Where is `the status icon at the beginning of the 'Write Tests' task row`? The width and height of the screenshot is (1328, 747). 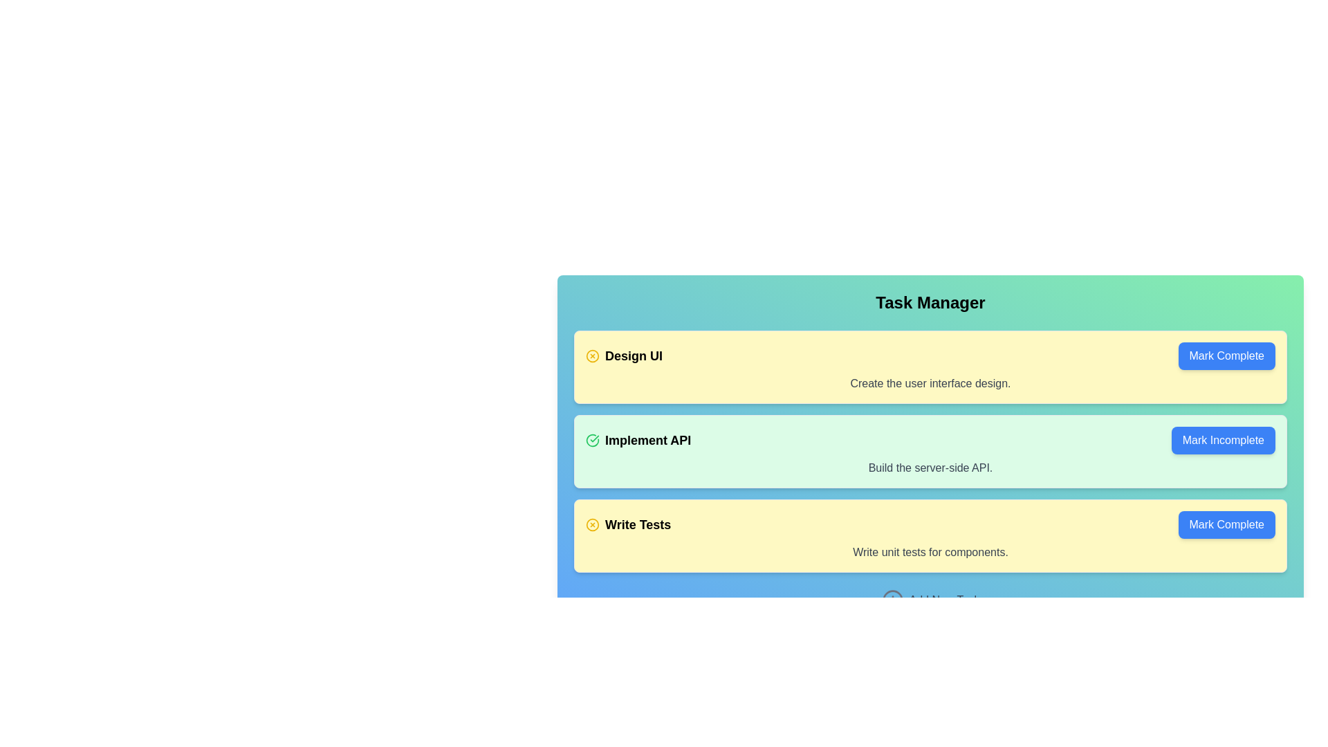
the status icon at the beginning of the 'Write Tests' task row is located at coordinates (593, 525).